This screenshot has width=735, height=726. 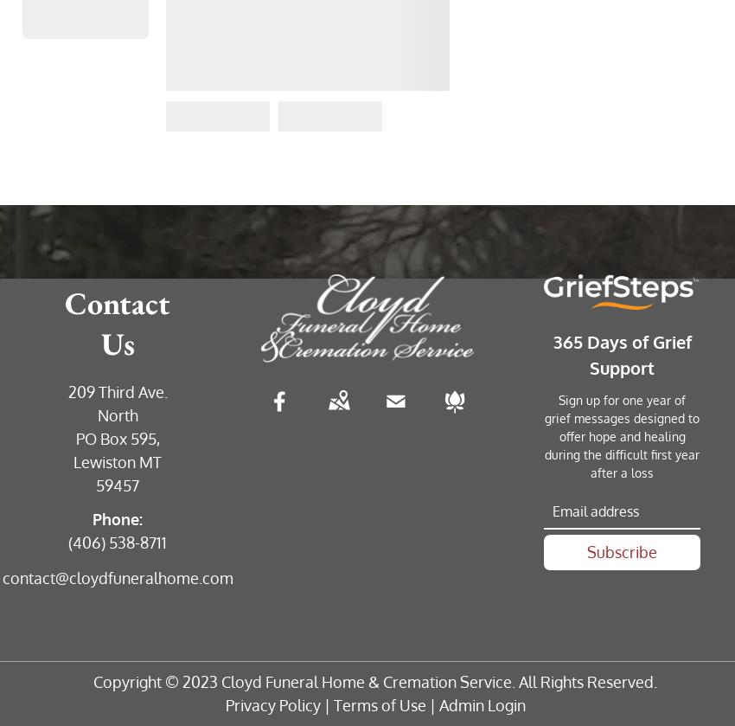 I want to click on 'Admin Login', so click(x=482, y=704).